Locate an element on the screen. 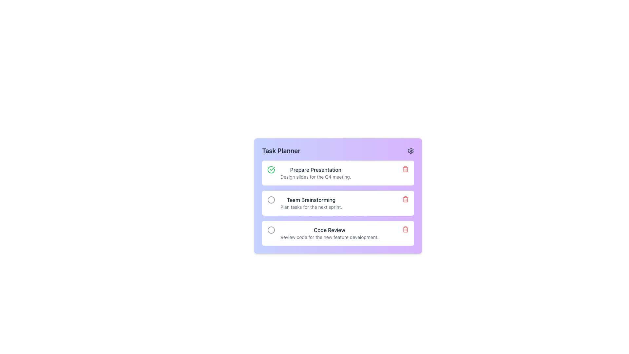 This screenshot has height=354, width=629. the green circular icon with a checkmark symbol, located to the left of the 'Prepare Presentation' task title is located at coordinates (271, 169).